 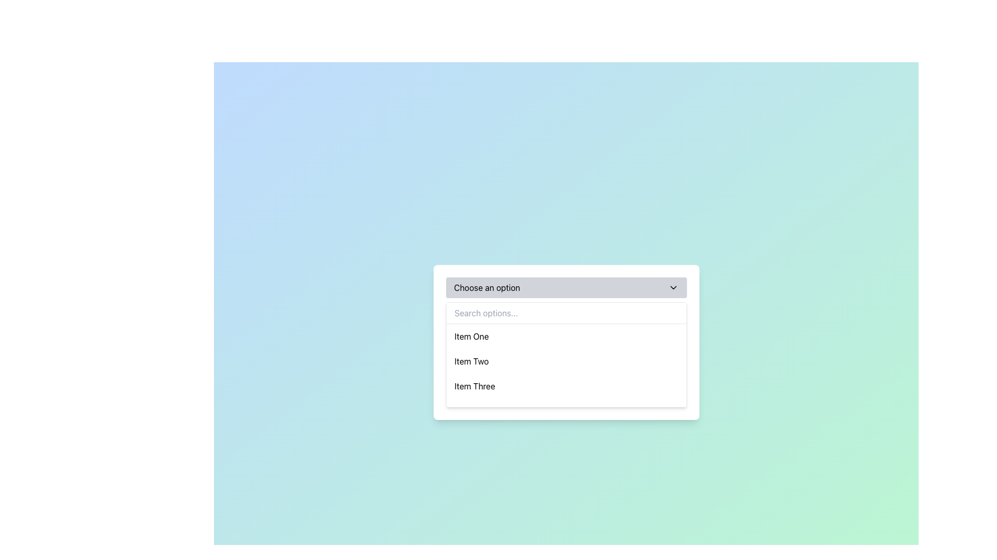 I want to click on the first selectable item in the dropdown menu labeled 'Item One' to trigger its hover state, so click(x=565, y=336).